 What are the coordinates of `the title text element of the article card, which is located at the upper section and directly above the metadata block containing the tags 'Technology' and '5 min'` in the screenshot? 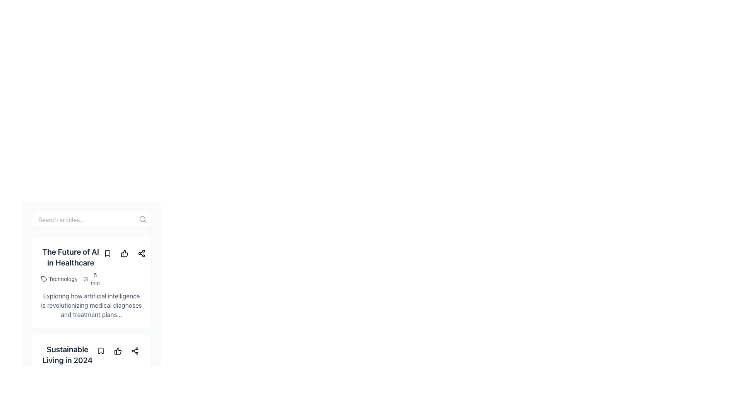 It's located at (70, 257).